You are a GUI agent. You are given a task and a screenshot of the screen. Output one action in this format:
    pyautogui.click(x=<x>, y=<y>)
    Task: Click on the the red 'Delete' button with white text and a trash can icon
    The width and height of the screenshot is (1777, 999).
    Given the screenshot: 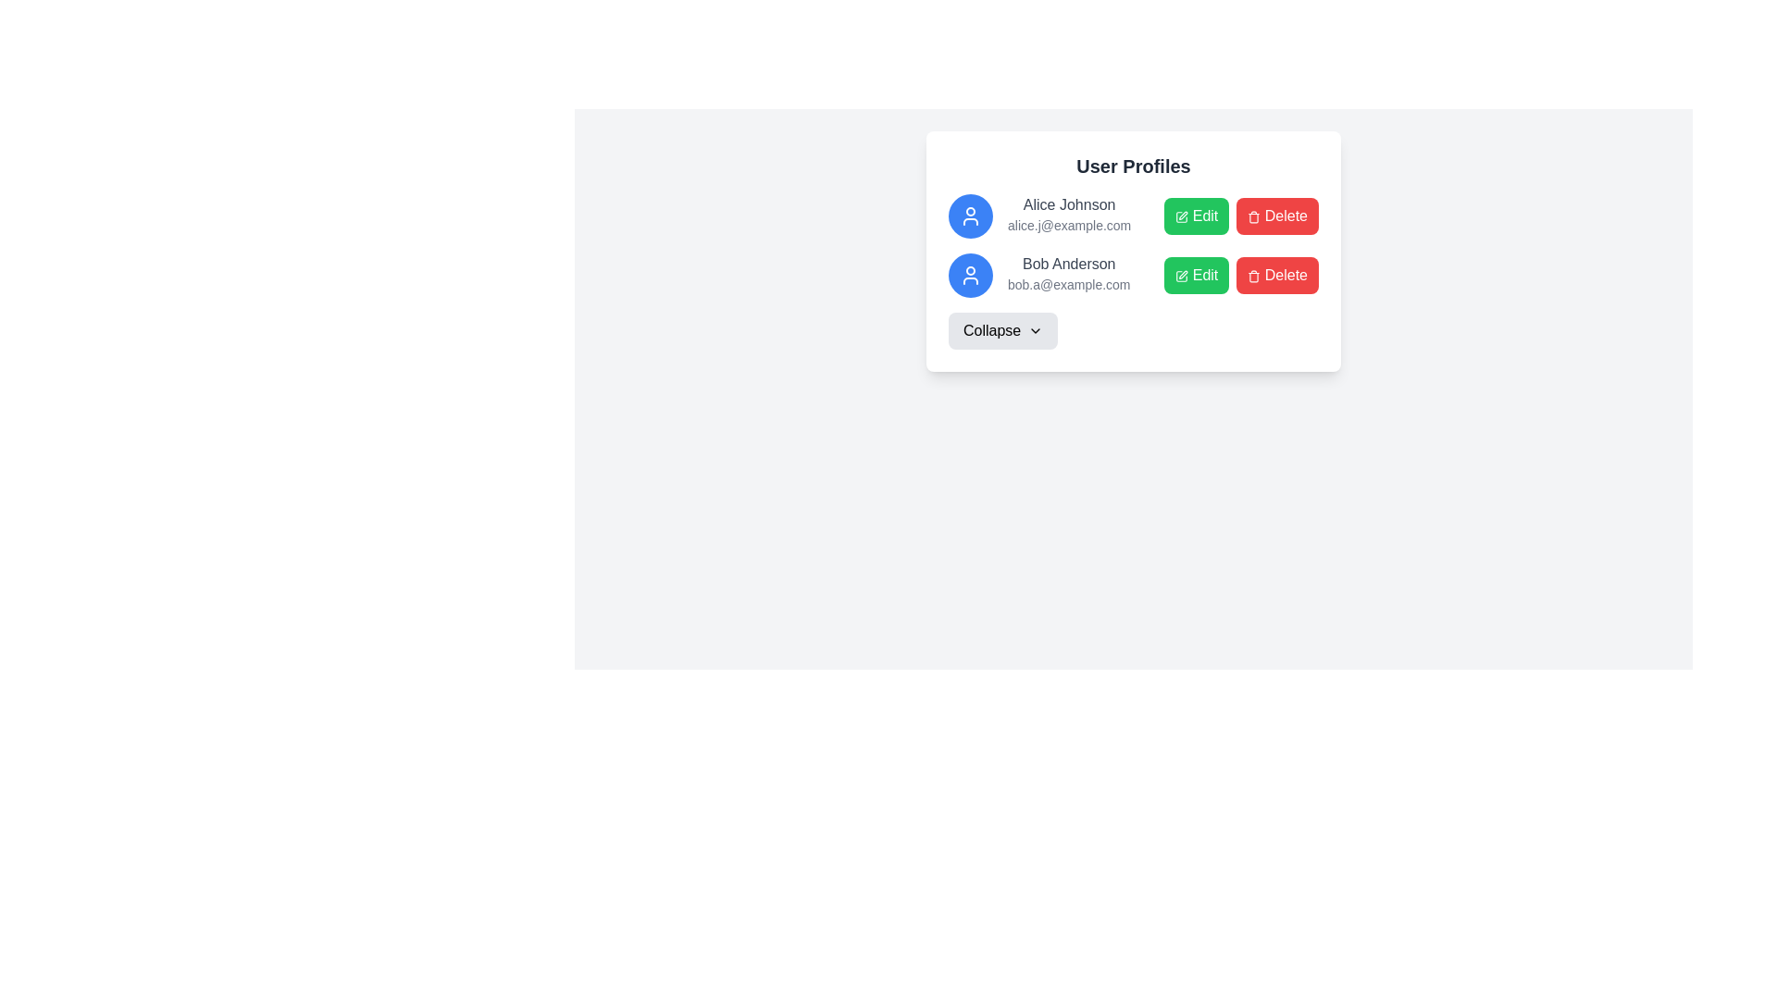 What is the action you would take?
    pyautogui.click(x=1276, y=216)
    